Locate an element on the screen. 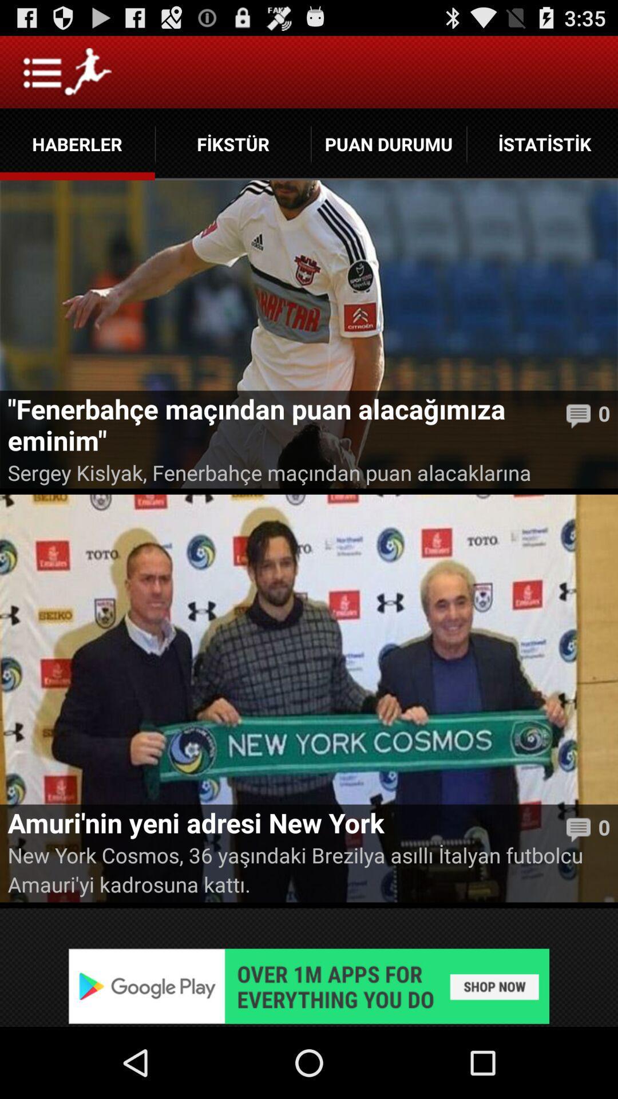 This screenshot has height=1099, width=618. click on advertisement is located at coordinates (309, 986).